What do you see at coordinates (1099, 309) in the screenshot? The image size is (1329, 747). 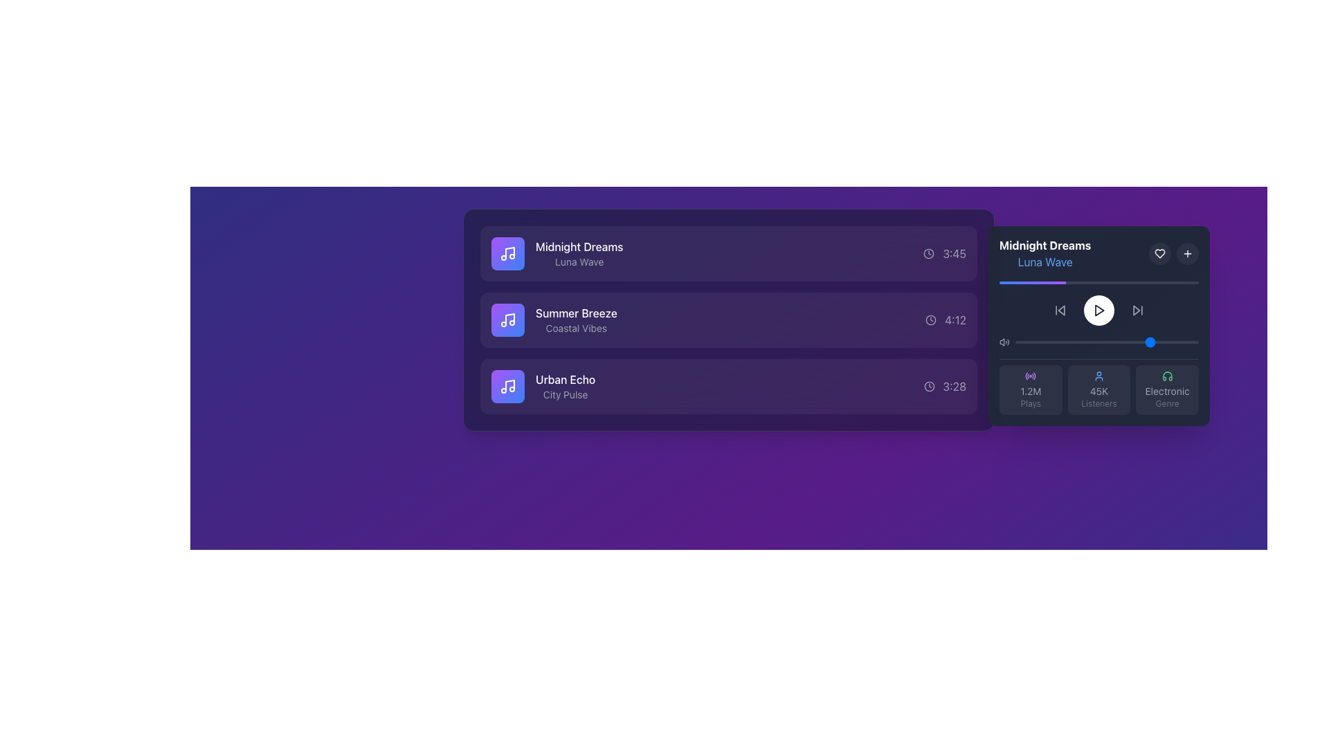 I see `the triangular play icon button, which is part of a circular button structure in the music player section` at bounding box center [1099, 309].